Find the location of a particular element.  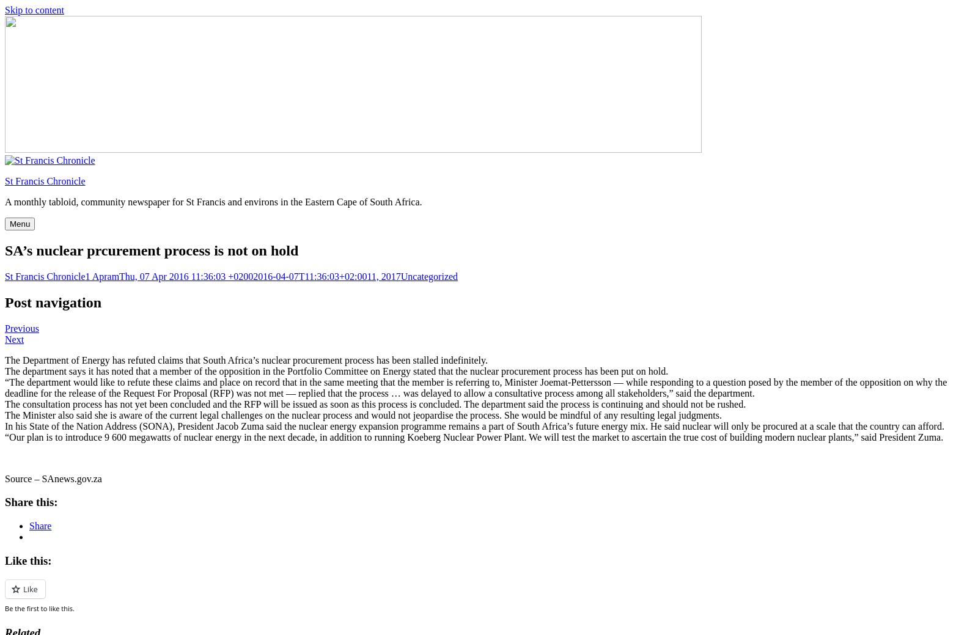

'Menu' is located at coordinates (19, 223).